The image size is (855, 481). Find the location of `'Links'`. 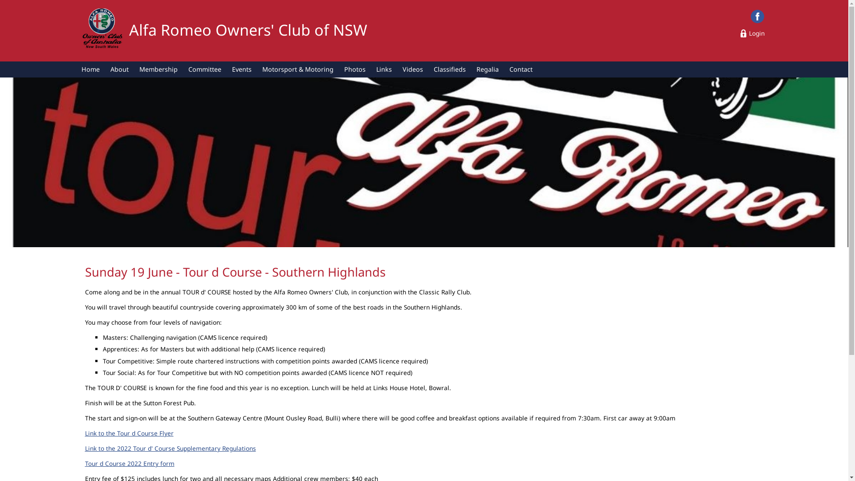

'Links' is located at coordinates (384, 69).